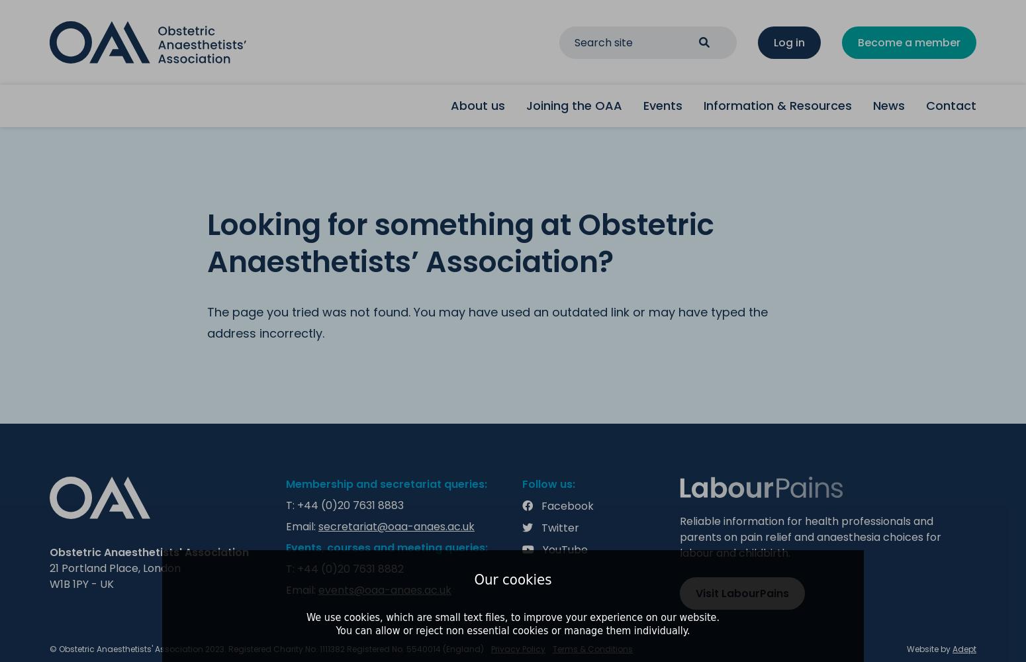  What do you see at coordinates (778, 105) in the screenshot?
I see `'Information & Resources'` at bounding box center [778, 105].